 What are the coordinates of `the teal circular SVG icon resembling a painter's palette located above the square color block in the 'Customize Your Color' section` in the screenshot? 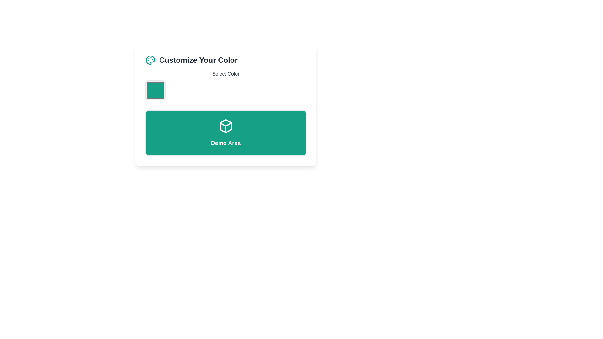 It's located at (150, 60).